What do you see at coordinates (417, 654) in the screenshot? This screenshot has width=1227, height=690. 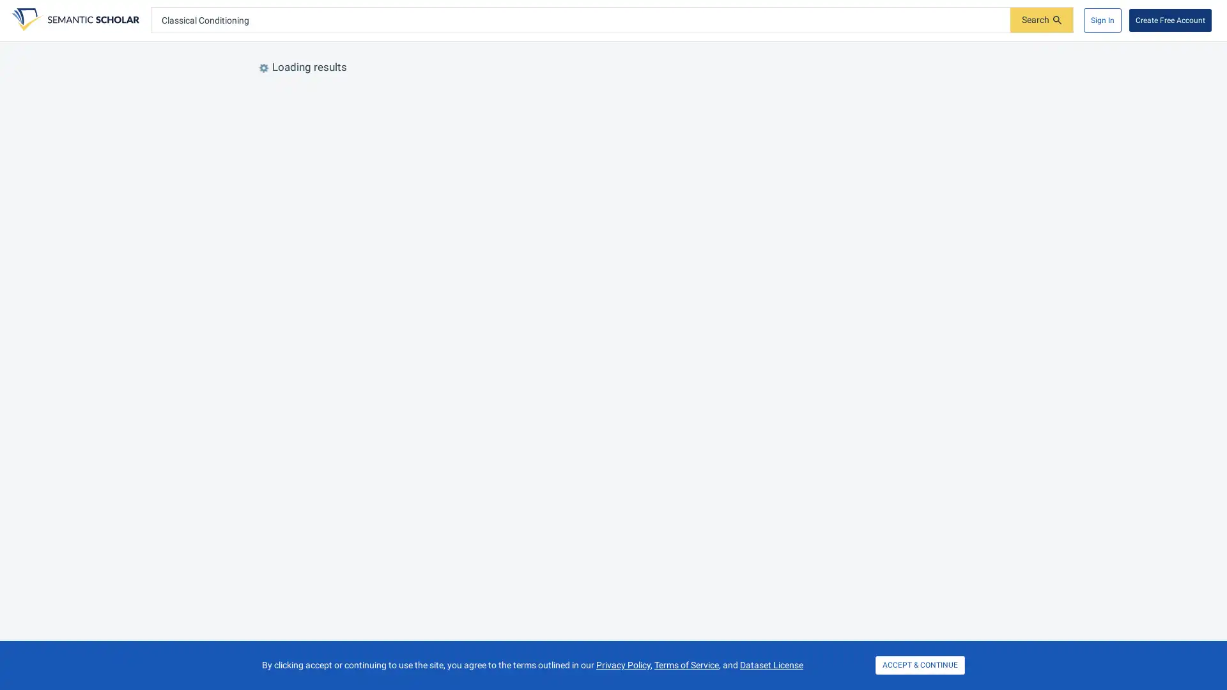 I see `Turn on email alert for this paper` at bounding box center [417, 654].